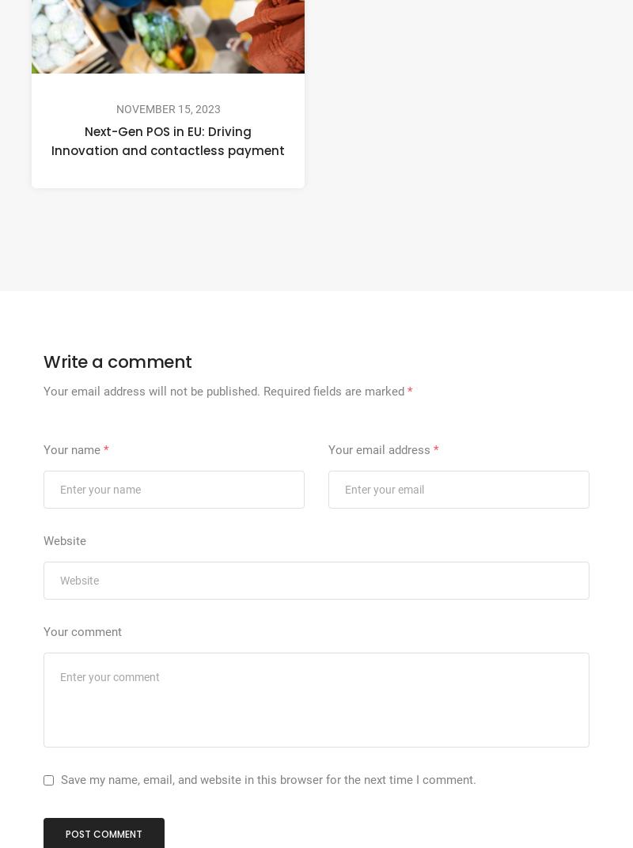  I want to click on 'Save my name, email, and website in this browser for the next time I comment.', so click(268, 778).